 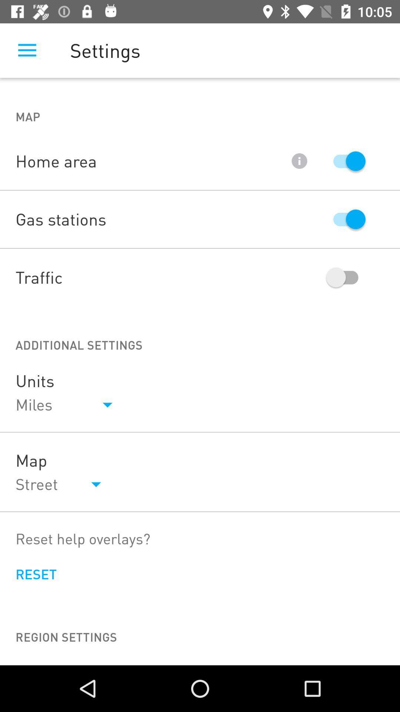 What do you see at coordinates (346, 161) in the screenshot?
I see `switch autoplay option` at bounding box center [346, 161].